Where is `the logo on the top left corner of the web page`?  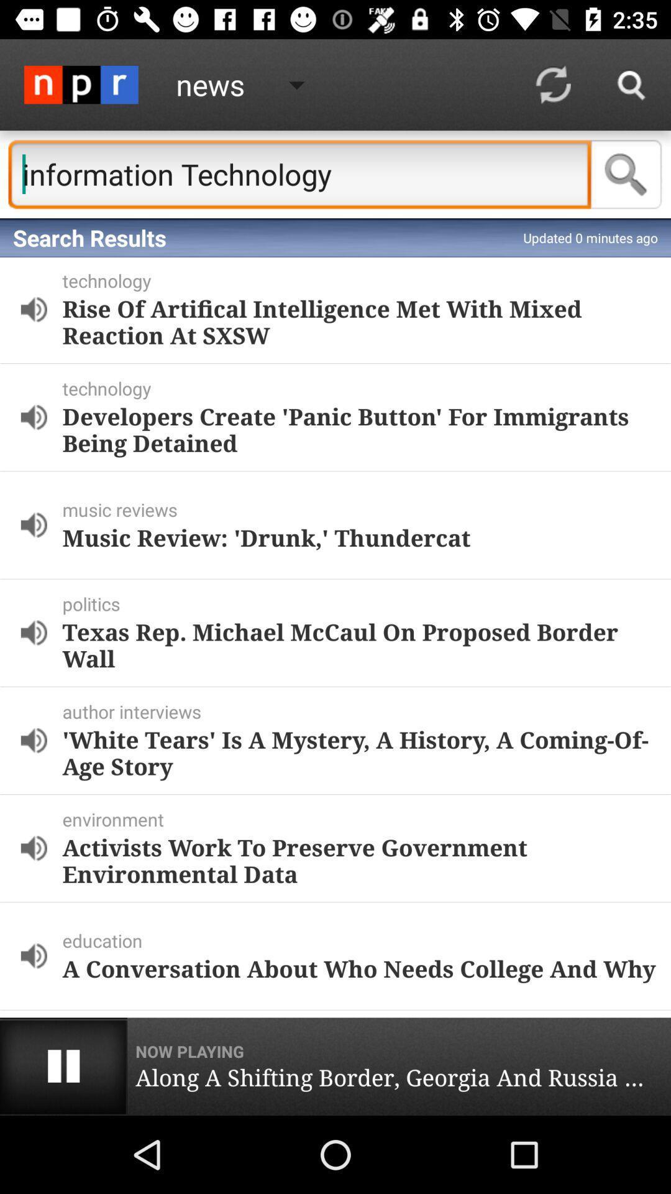
the logo on the top left corner of the web page is located at coordinates (81, 84).